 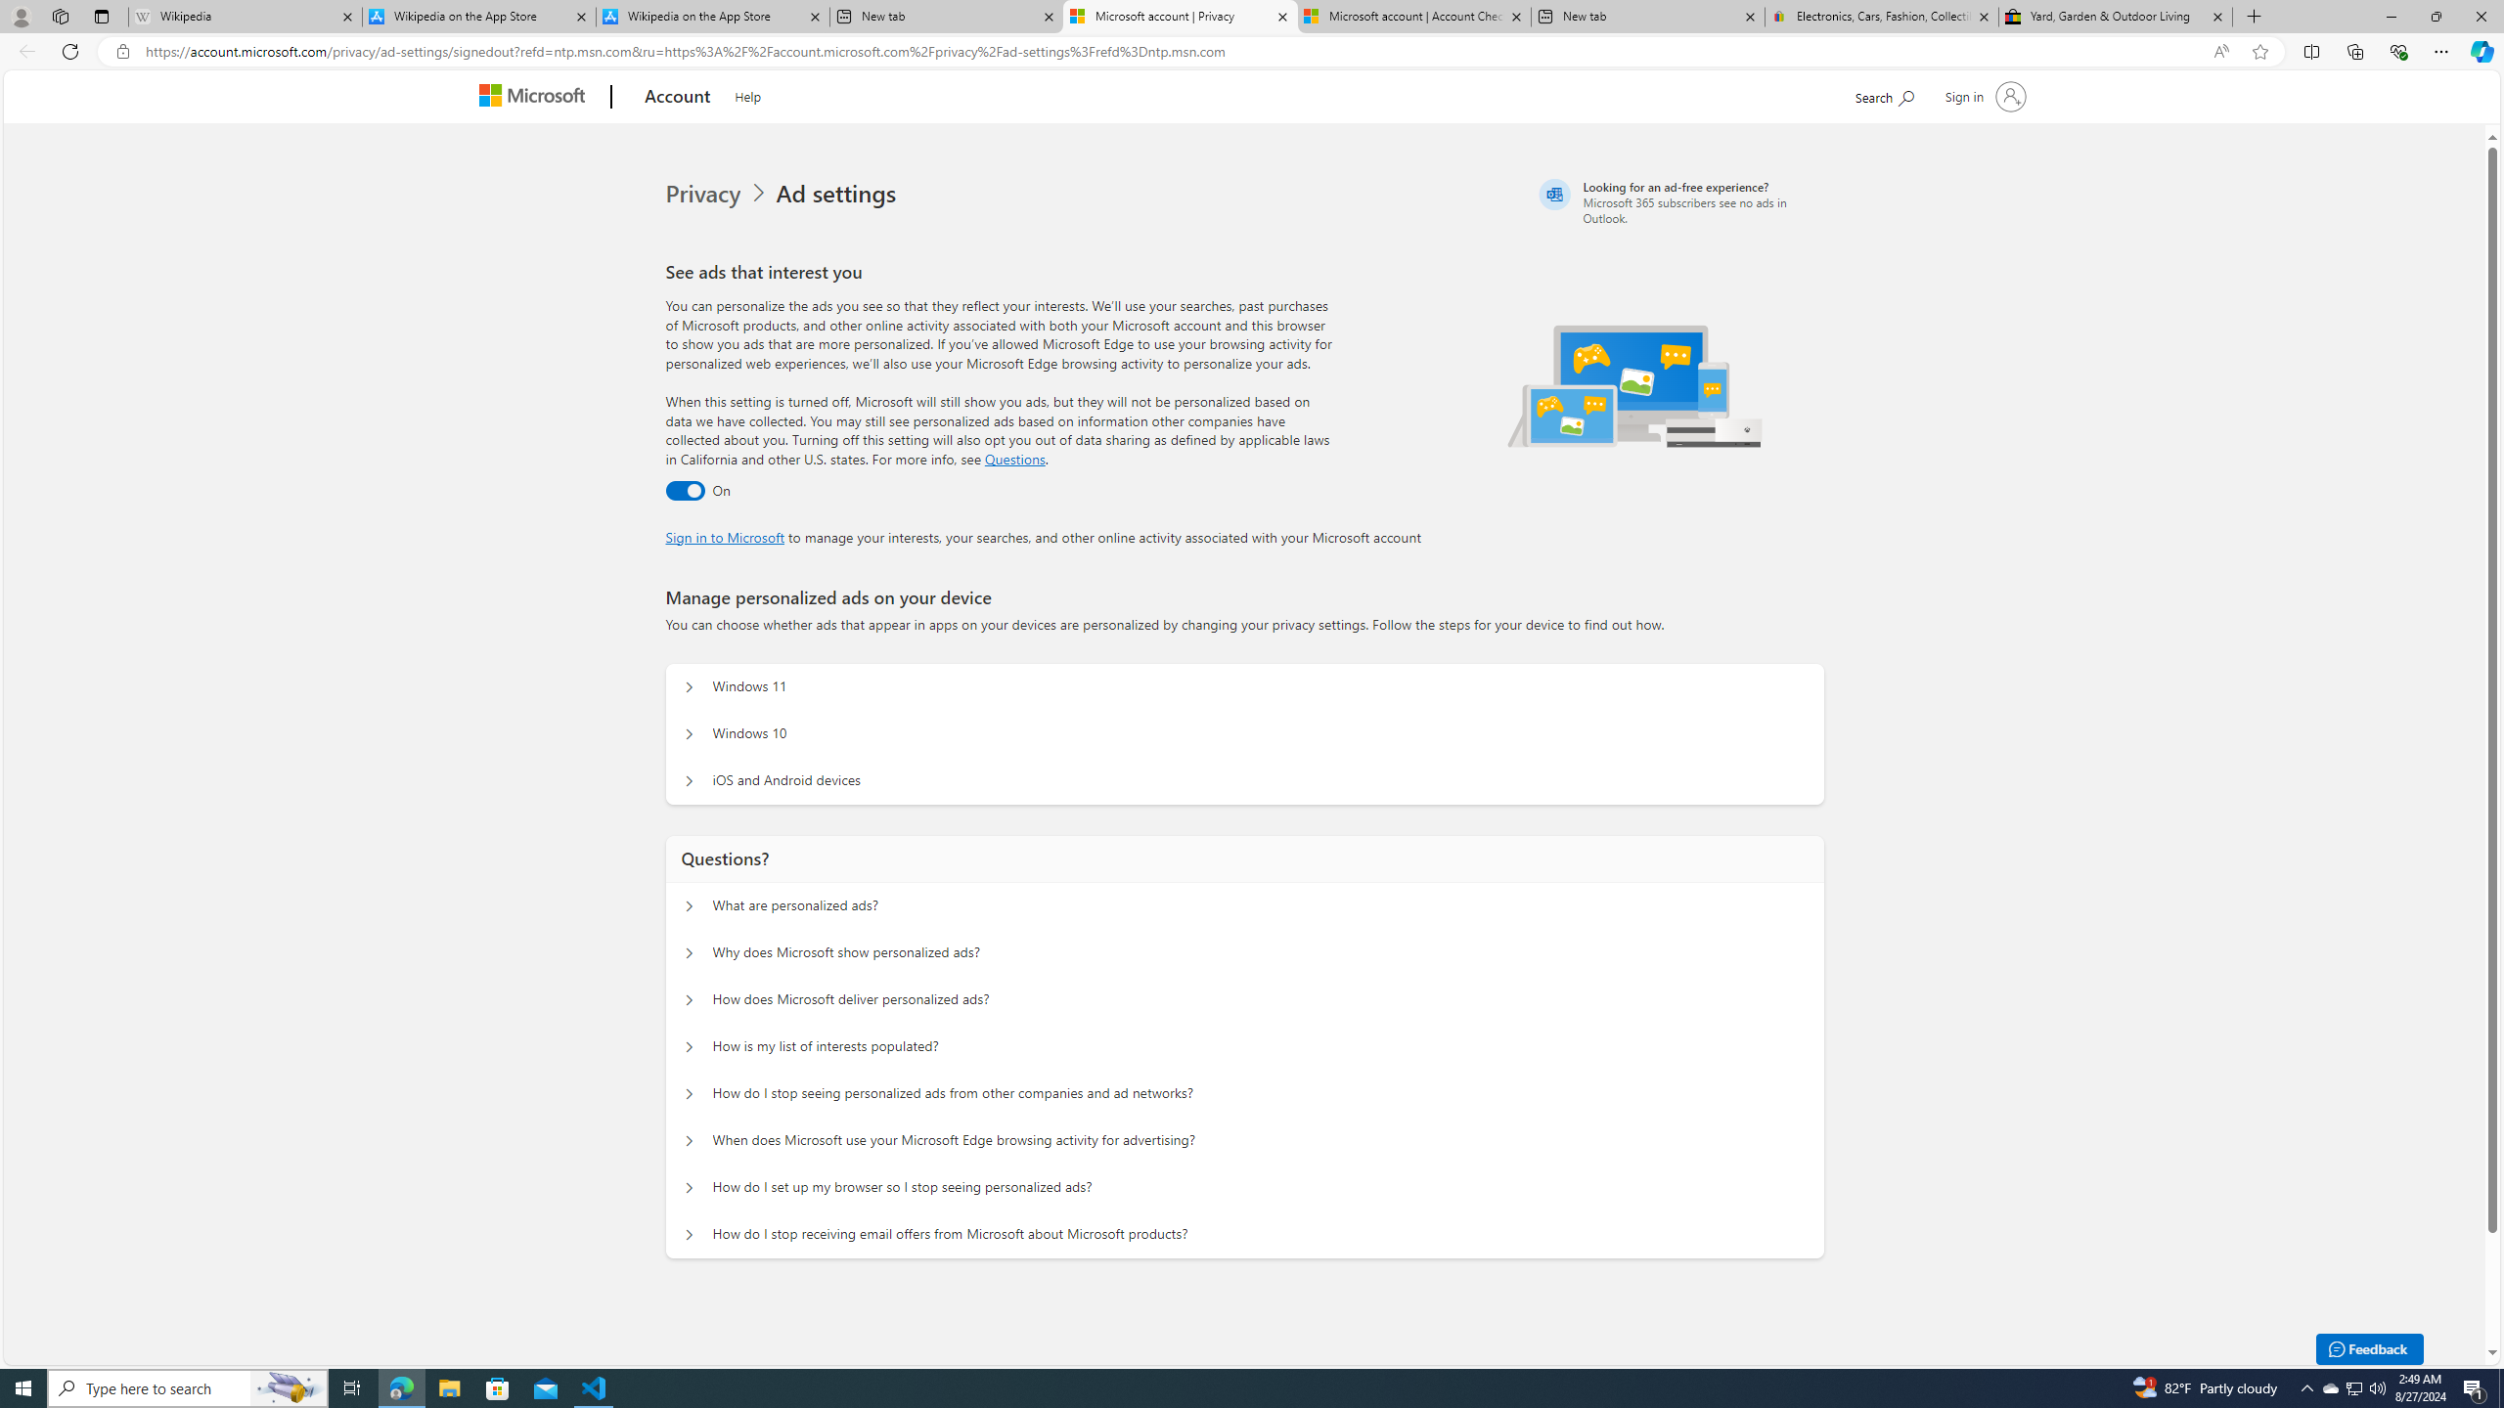 I want to click on 'Ad settings', so click(x=838, y=194).